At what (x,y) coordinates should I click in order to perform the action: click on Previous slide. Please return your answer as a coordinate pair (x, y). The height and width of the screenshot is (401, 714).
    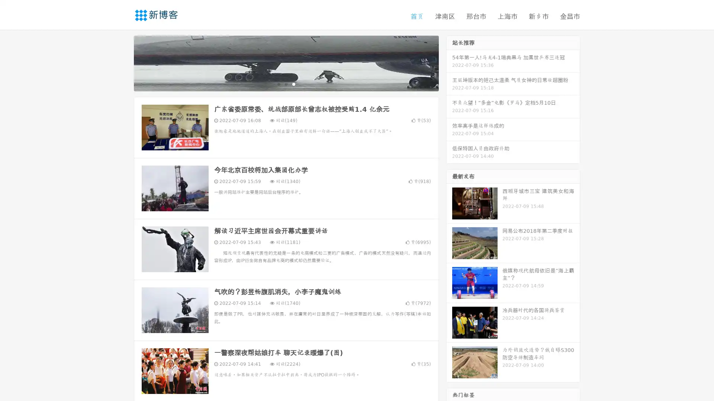
    Looking at the image, I should click on (123, 62).